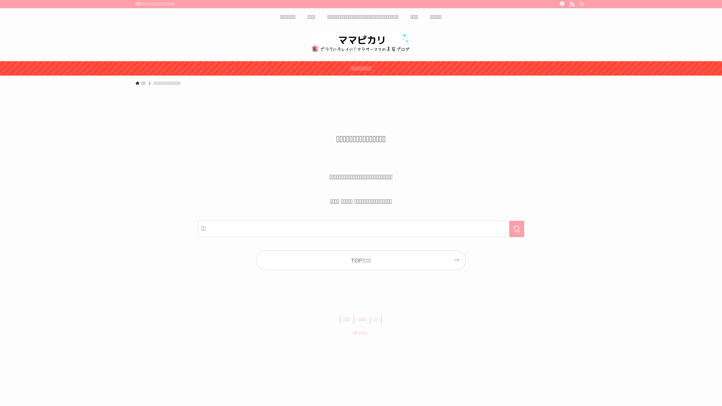 This screenshot has height=406, width=722. What do you see at coordinates (516, 229) in the screenshot?
I see `'search'` at bounding box center [516, 229].